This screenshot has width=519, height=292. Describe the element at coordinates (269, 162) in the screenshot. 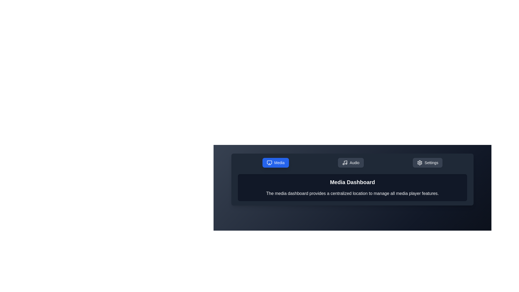

I see `the 'Media' button icon located in the upper midsection of the interface` at that location.